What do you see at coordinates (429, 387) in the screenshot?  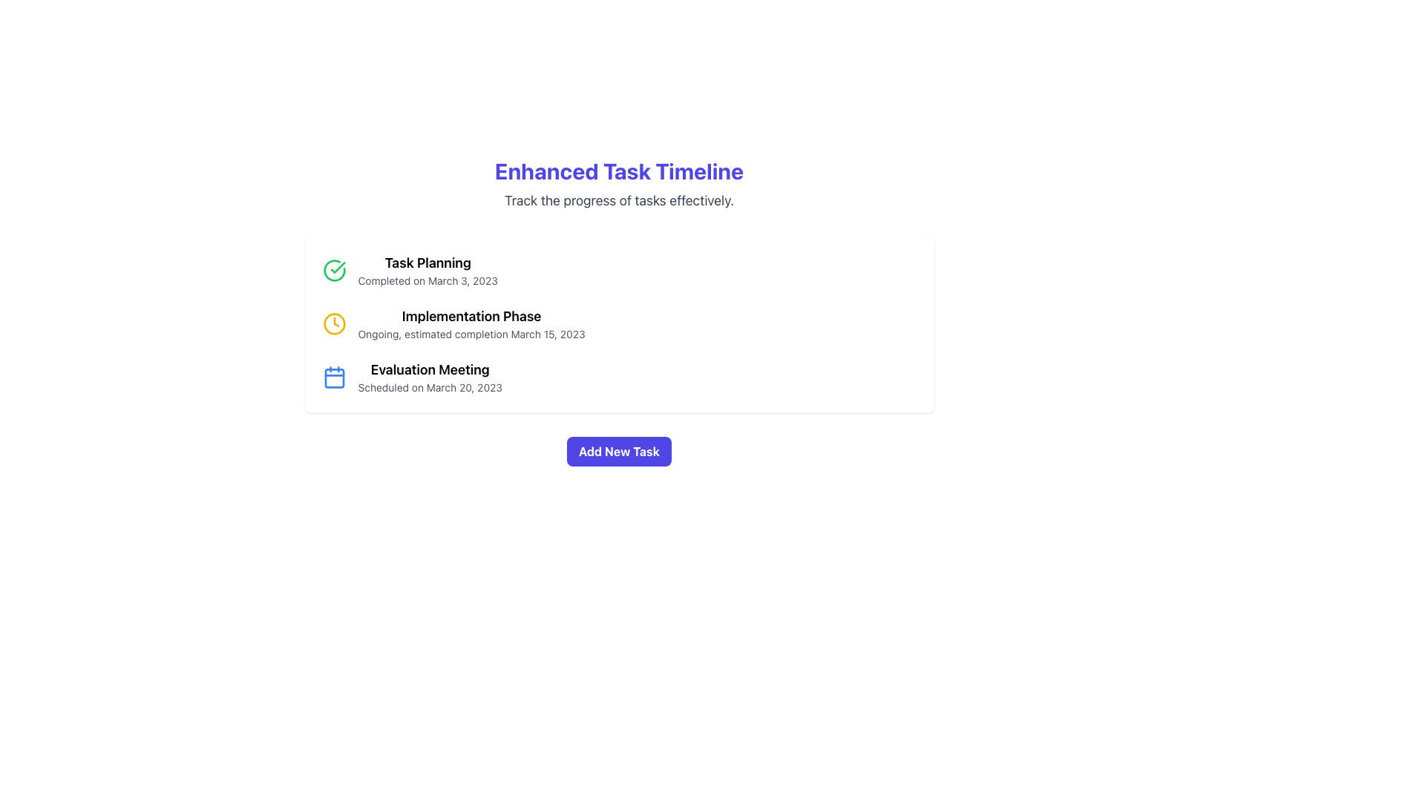 I see `the static text display that shows 'Scheduled on March 20, 2023', which is styled in a smaller font size and gray shade, located beneath the title 'Evaluation Meeting'` at bounding box center [429, 387].